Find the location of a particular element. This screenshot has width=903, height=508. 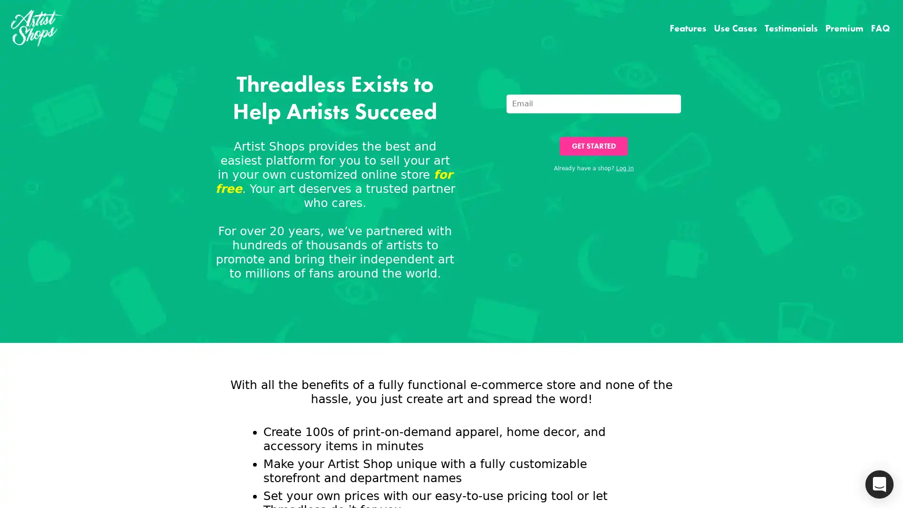

Get Started is located at coordinates (593, 146).